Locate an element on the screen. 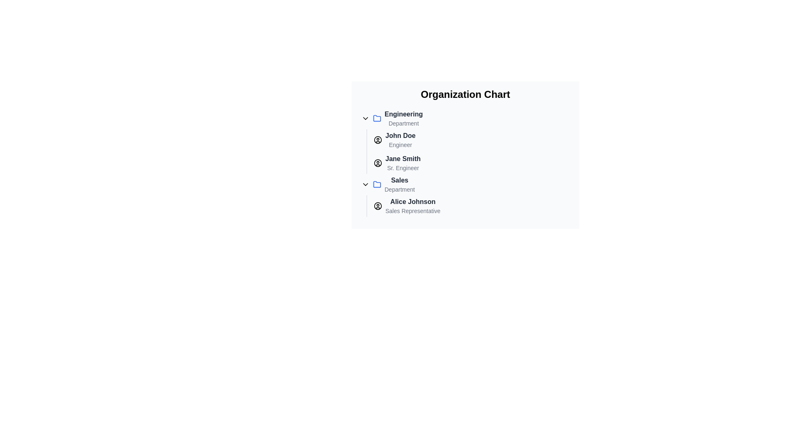  the text label displaying 'Alice Johnson' with the title 'Sales Representative' in the 'Sales' section of the organization chart is located at coordinates (413, 205).